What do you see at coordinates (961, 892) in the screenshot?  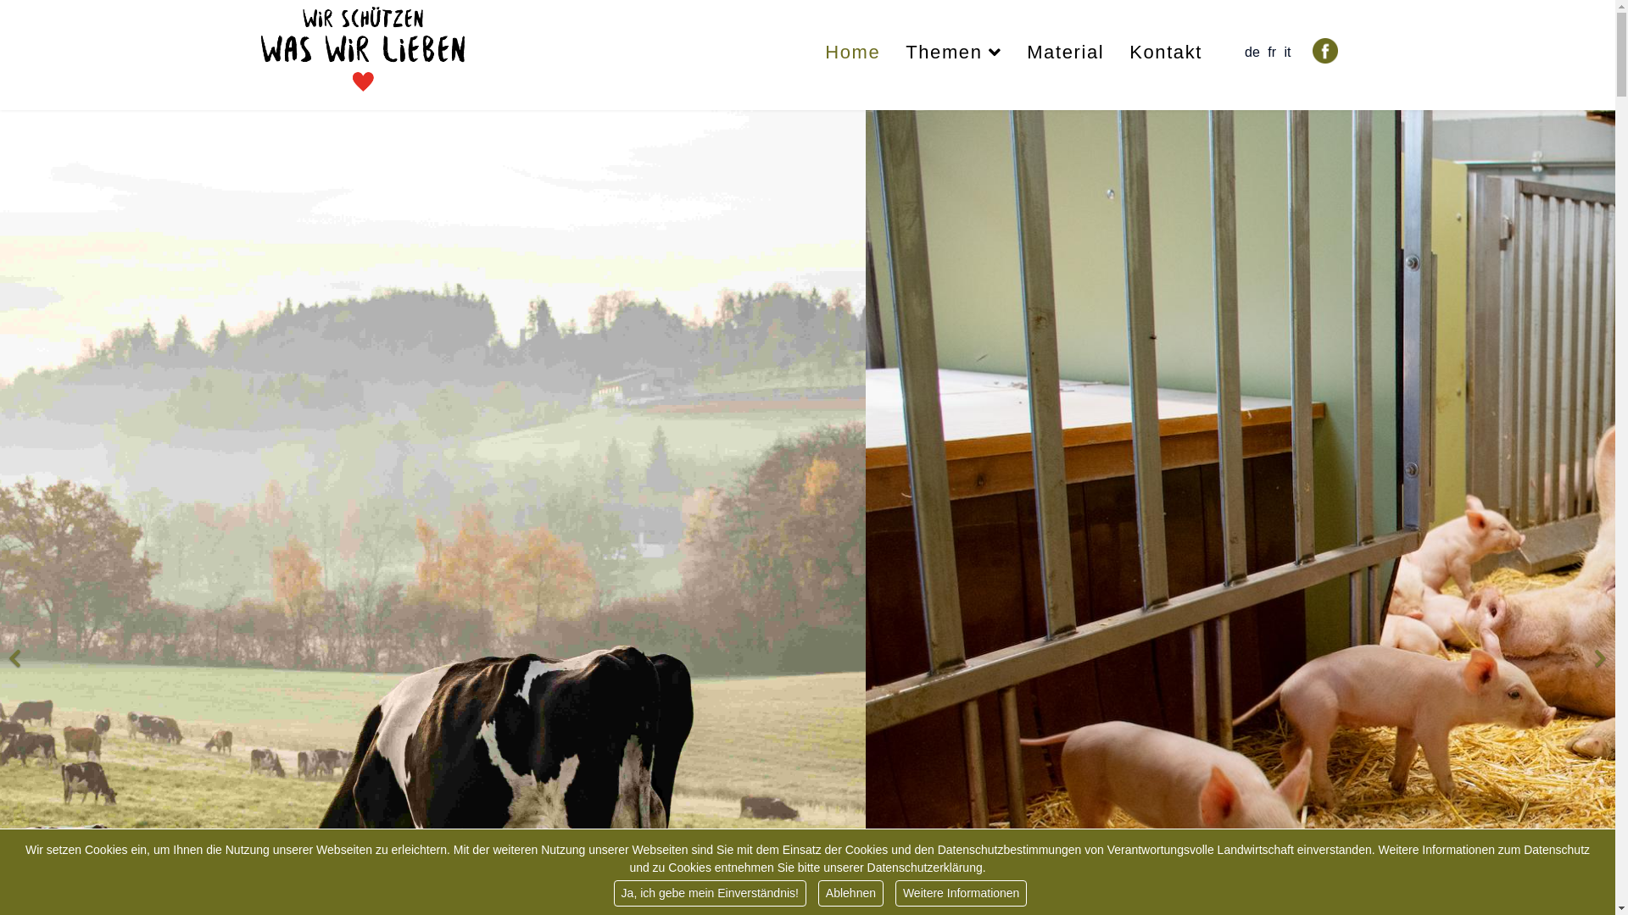 I see `'Weitere Informationen'` at bounding box center [961, 892].